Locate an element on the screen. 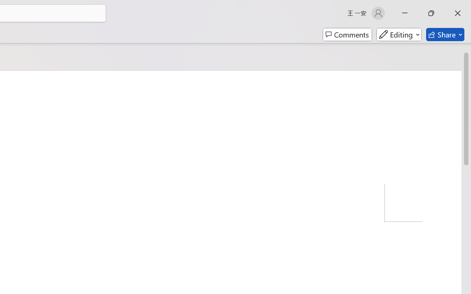 This screenshot has width=471, height=294. 'Close' is located at coordinates (457, 13).